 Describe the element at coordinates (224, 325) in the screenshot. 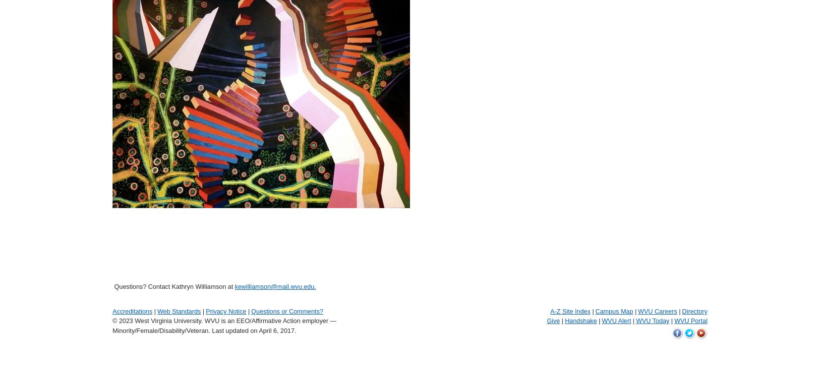

I see `'© 2023 West Virginia University. WVU is an EEO/Affirmative Action employer — Minority/Female/Disability/Veteran.'` at that location.